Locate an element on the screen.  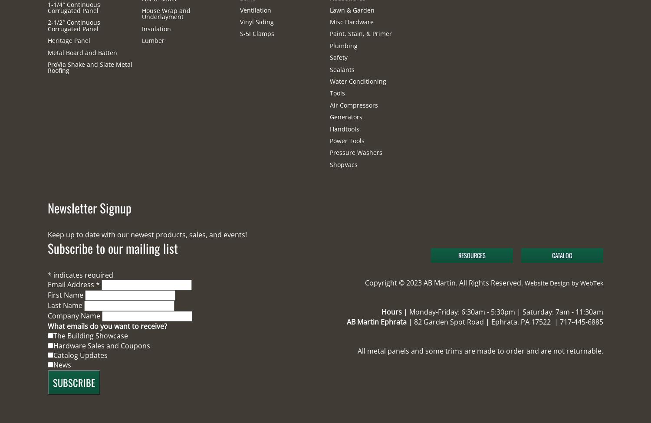
'Copyright © 2023 AB Martin.  All Rights Reserved.' is located at coordinates (444, 282).